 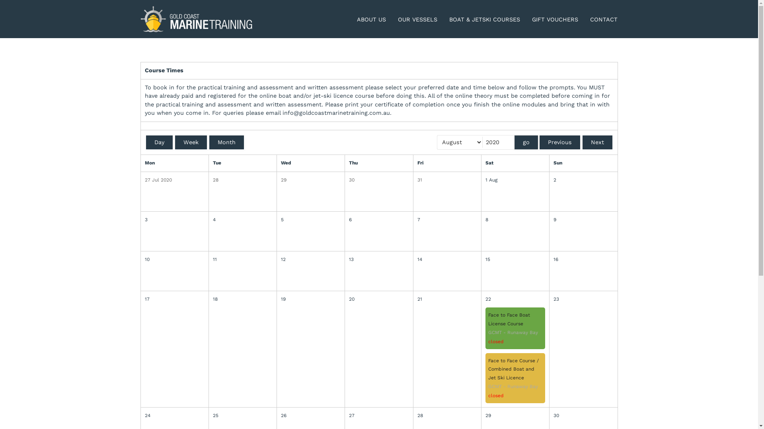 I want to click on 'CONTACT', so click(x=604, y=19).